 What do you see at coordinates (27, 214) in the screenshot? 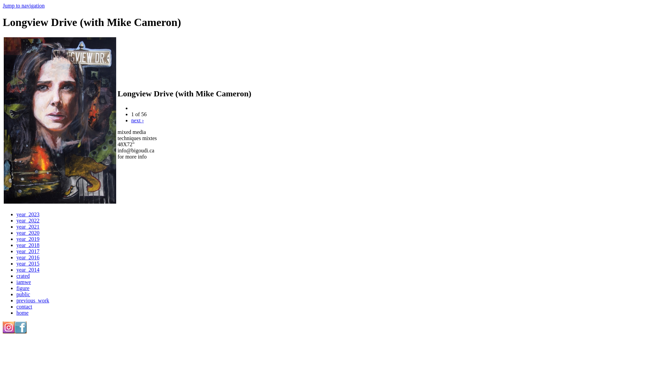
I see `'year_2023'` at bounding box center [27, 214].